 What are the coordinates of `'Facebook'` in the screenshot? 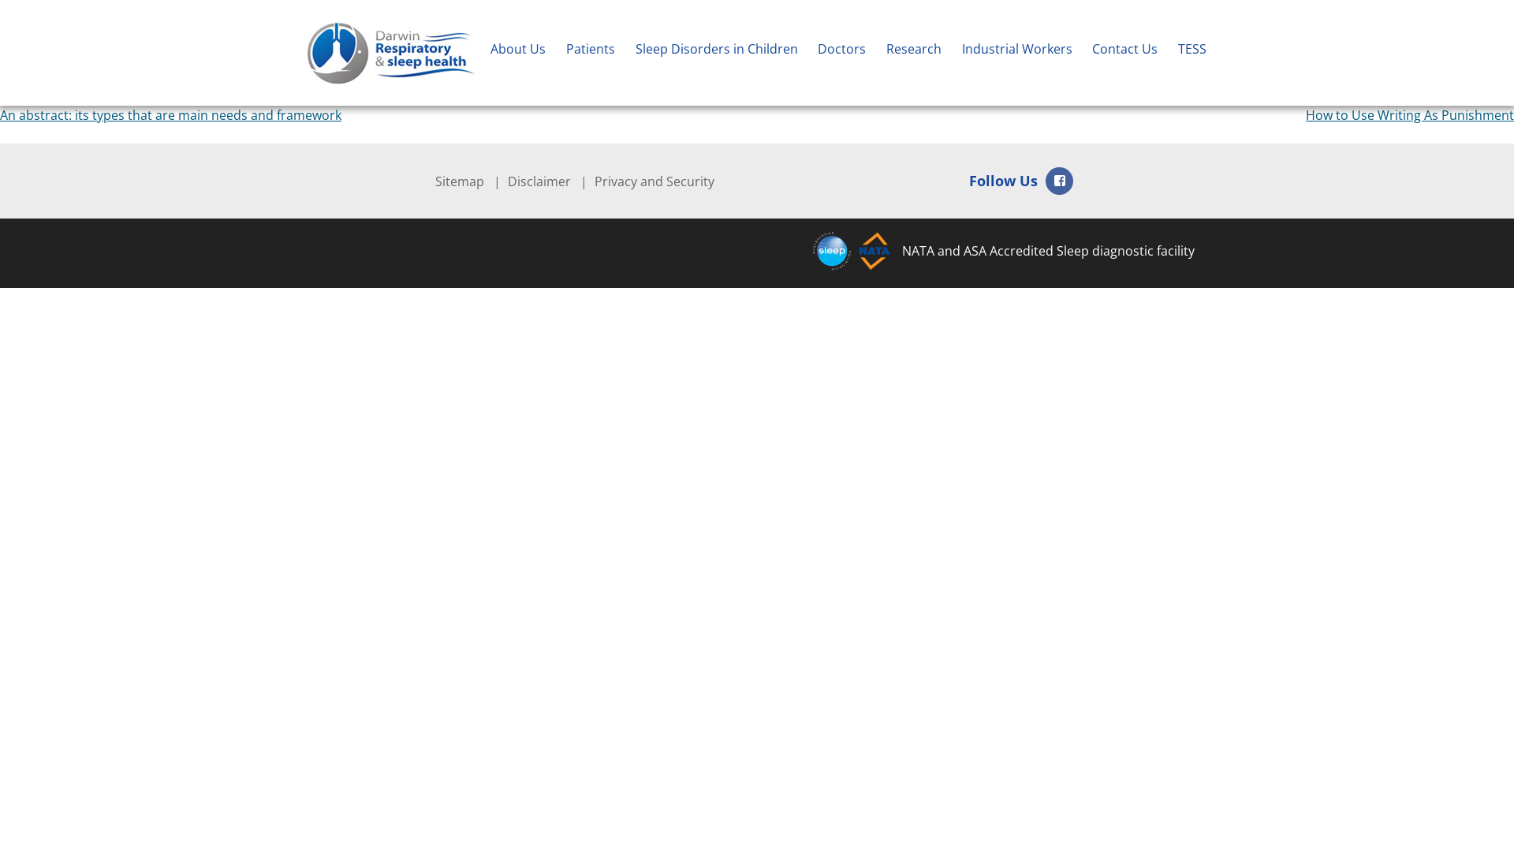 It's located at (1059, 180).